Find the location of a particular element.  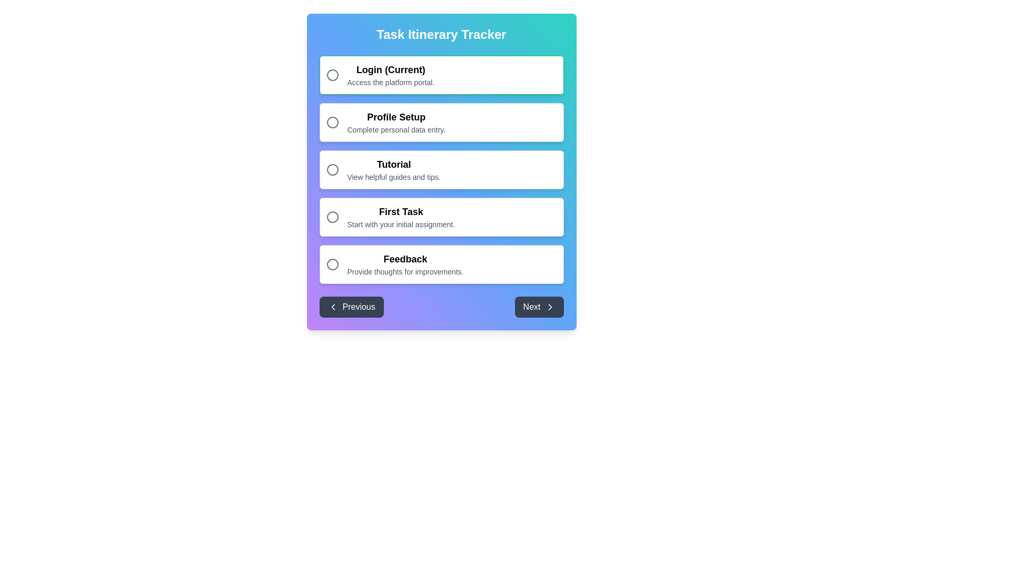

the circular icon located at the top-left corner of the 'Tutorial' card section is located at coordinates (332, 169).